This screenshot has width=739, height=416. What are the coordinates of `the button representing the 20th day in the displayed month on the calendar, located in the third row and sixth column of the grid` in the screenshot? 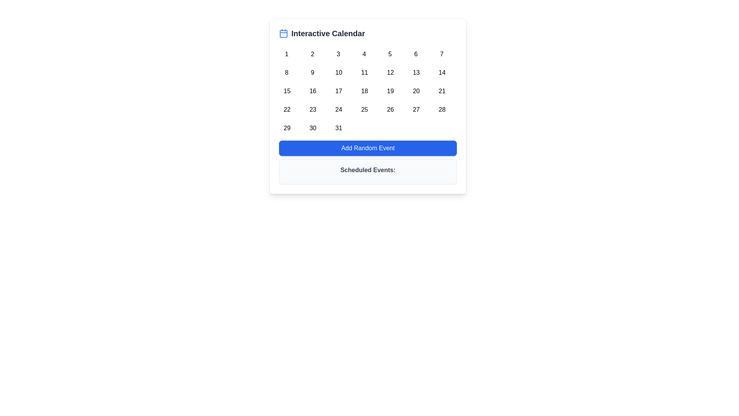 It's located at (415, 89).